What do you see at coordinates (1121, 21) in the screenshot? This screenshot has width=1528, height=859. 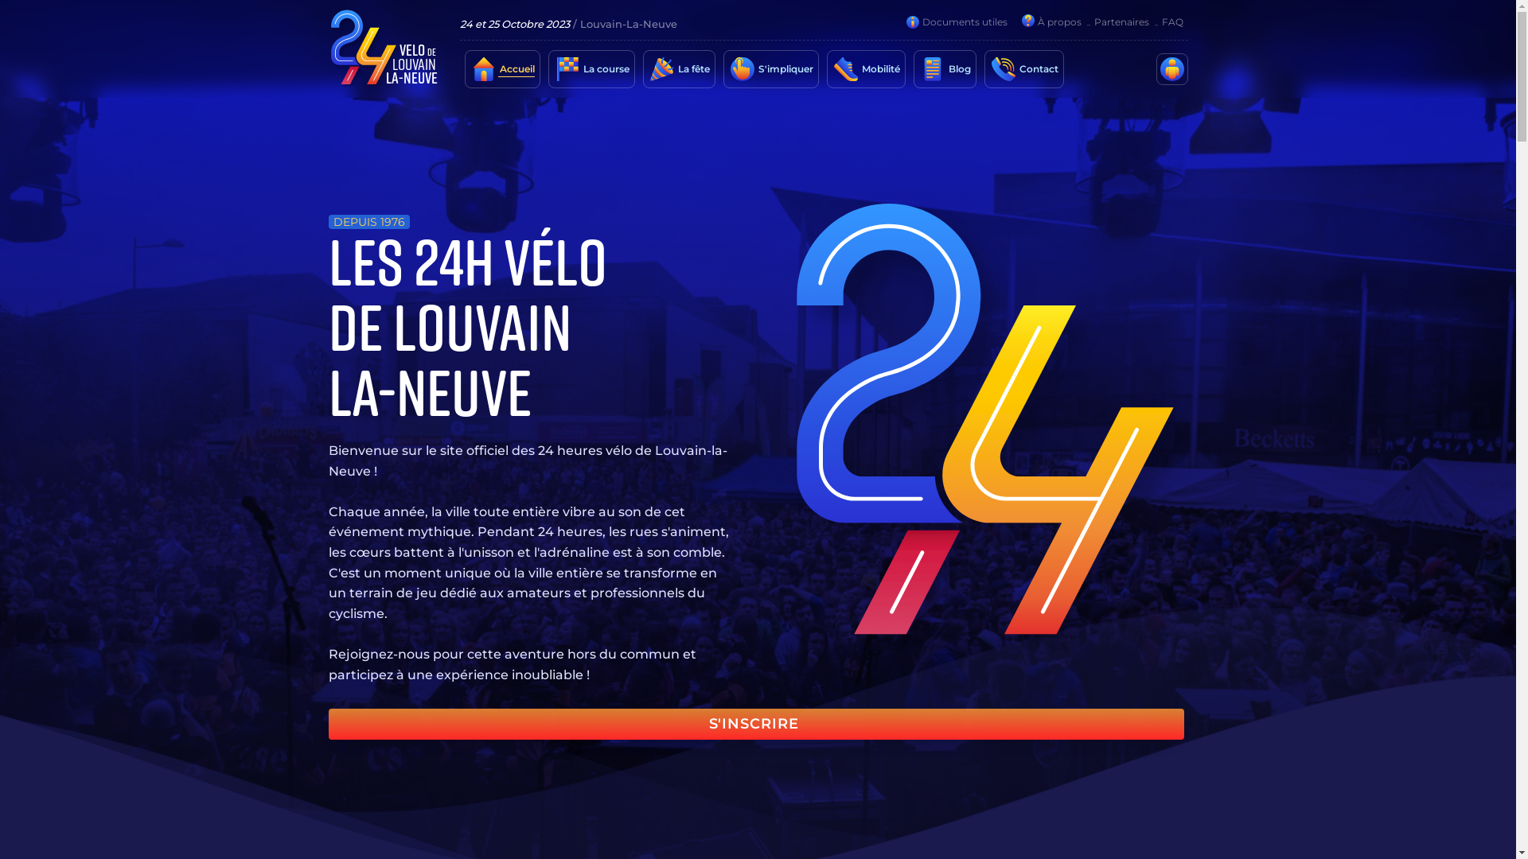 I see `'Partenaires'` at bounding box center [1121, 21].